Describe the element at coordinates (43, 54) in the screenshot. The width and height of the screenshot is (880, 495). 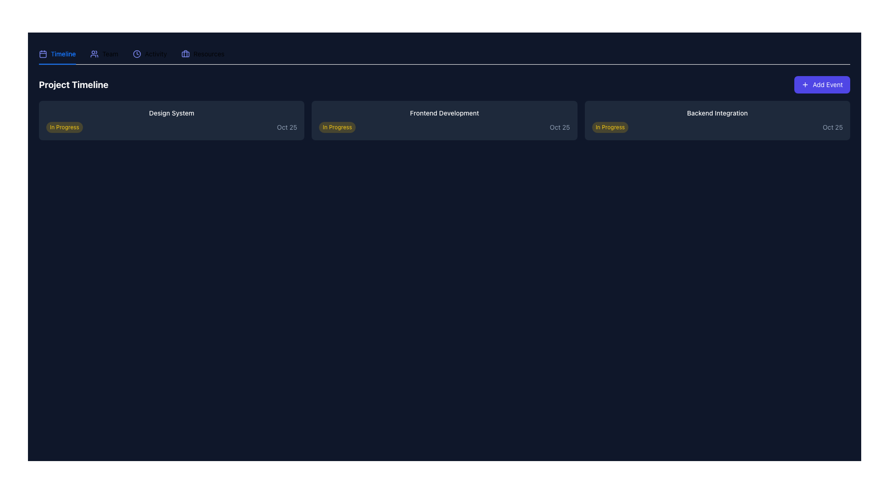
I see `the calendar icon located to the left of the 'Timeline' text in the top-left section of the interface` at that location.